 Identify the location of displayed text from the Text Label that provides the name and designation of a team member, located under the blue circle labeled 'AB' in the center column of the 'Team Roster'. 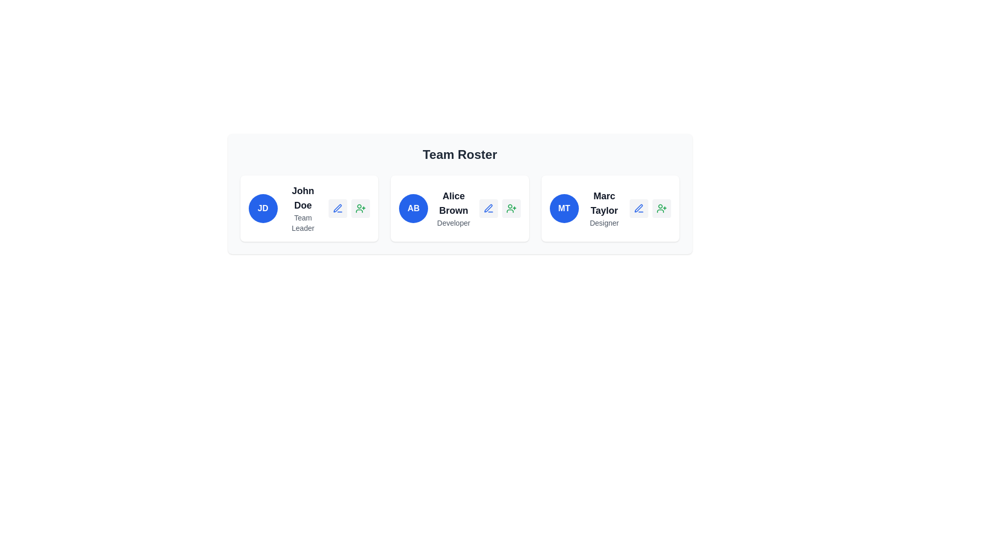
(453, 208).